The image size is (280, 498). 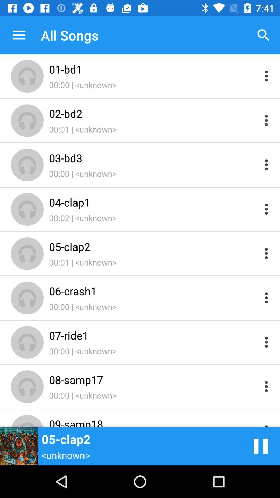 What do you see at coordinates (153, 246) in the screenshot?
I see `the 05-clap2 item` at bounding box center [153, 246].